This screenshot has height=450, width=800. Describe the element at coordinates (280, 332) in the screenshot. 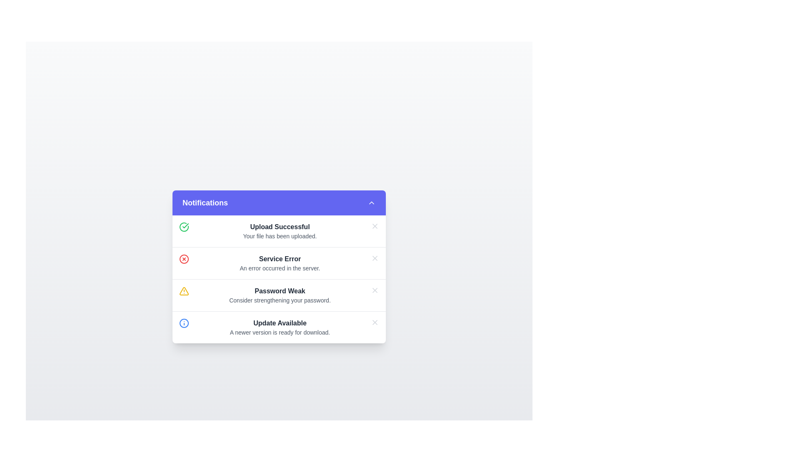

I see `the text label that is styled with a small gray font and positioned below the 'Update Available' header in the last notification block` at that location.